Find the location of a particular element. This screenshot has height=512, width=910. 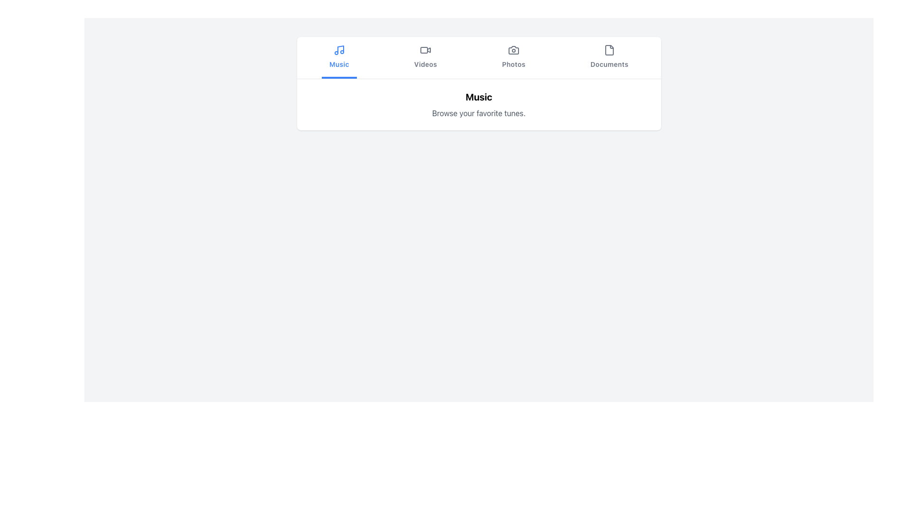

the play symbol icon located in the 'Videos' tab of the horizontal navigation bar is located at coordinates (428, 50).